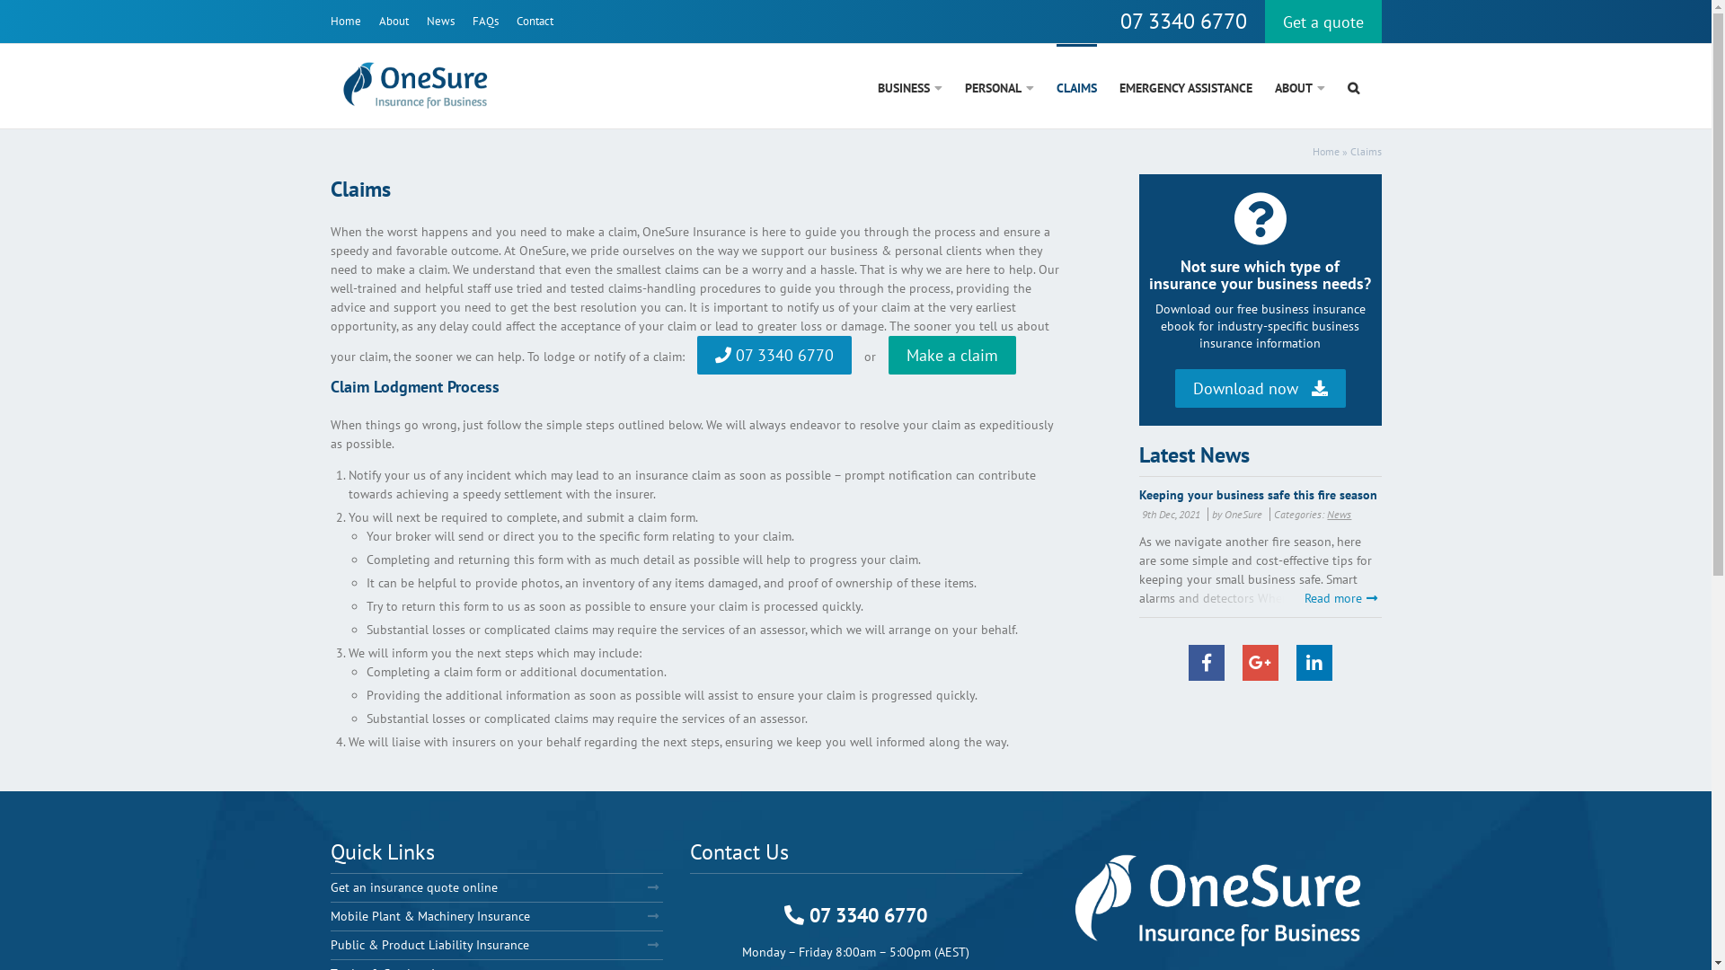 This screenshot has width=1725, height=970. Describe the element at coordinates (425, 21) in the screenshot. I see `'News'` at that location.